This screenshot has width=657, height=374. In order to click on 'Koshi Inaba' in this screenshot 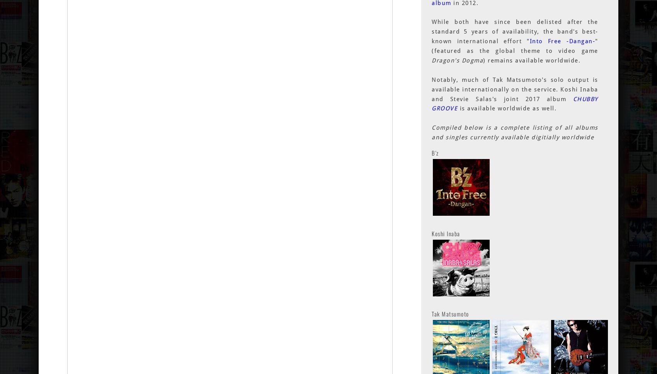, I will do `click(446, 232)`.